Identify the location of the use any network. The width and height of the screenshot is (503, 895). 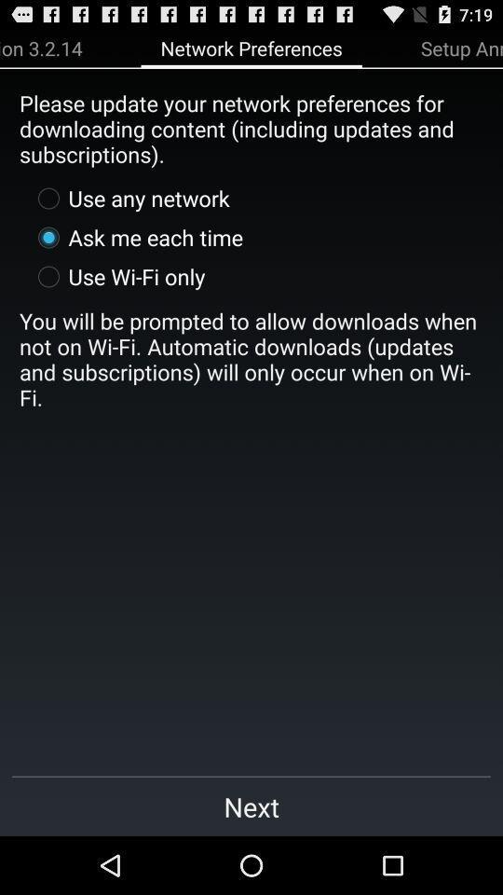
(129, 198).